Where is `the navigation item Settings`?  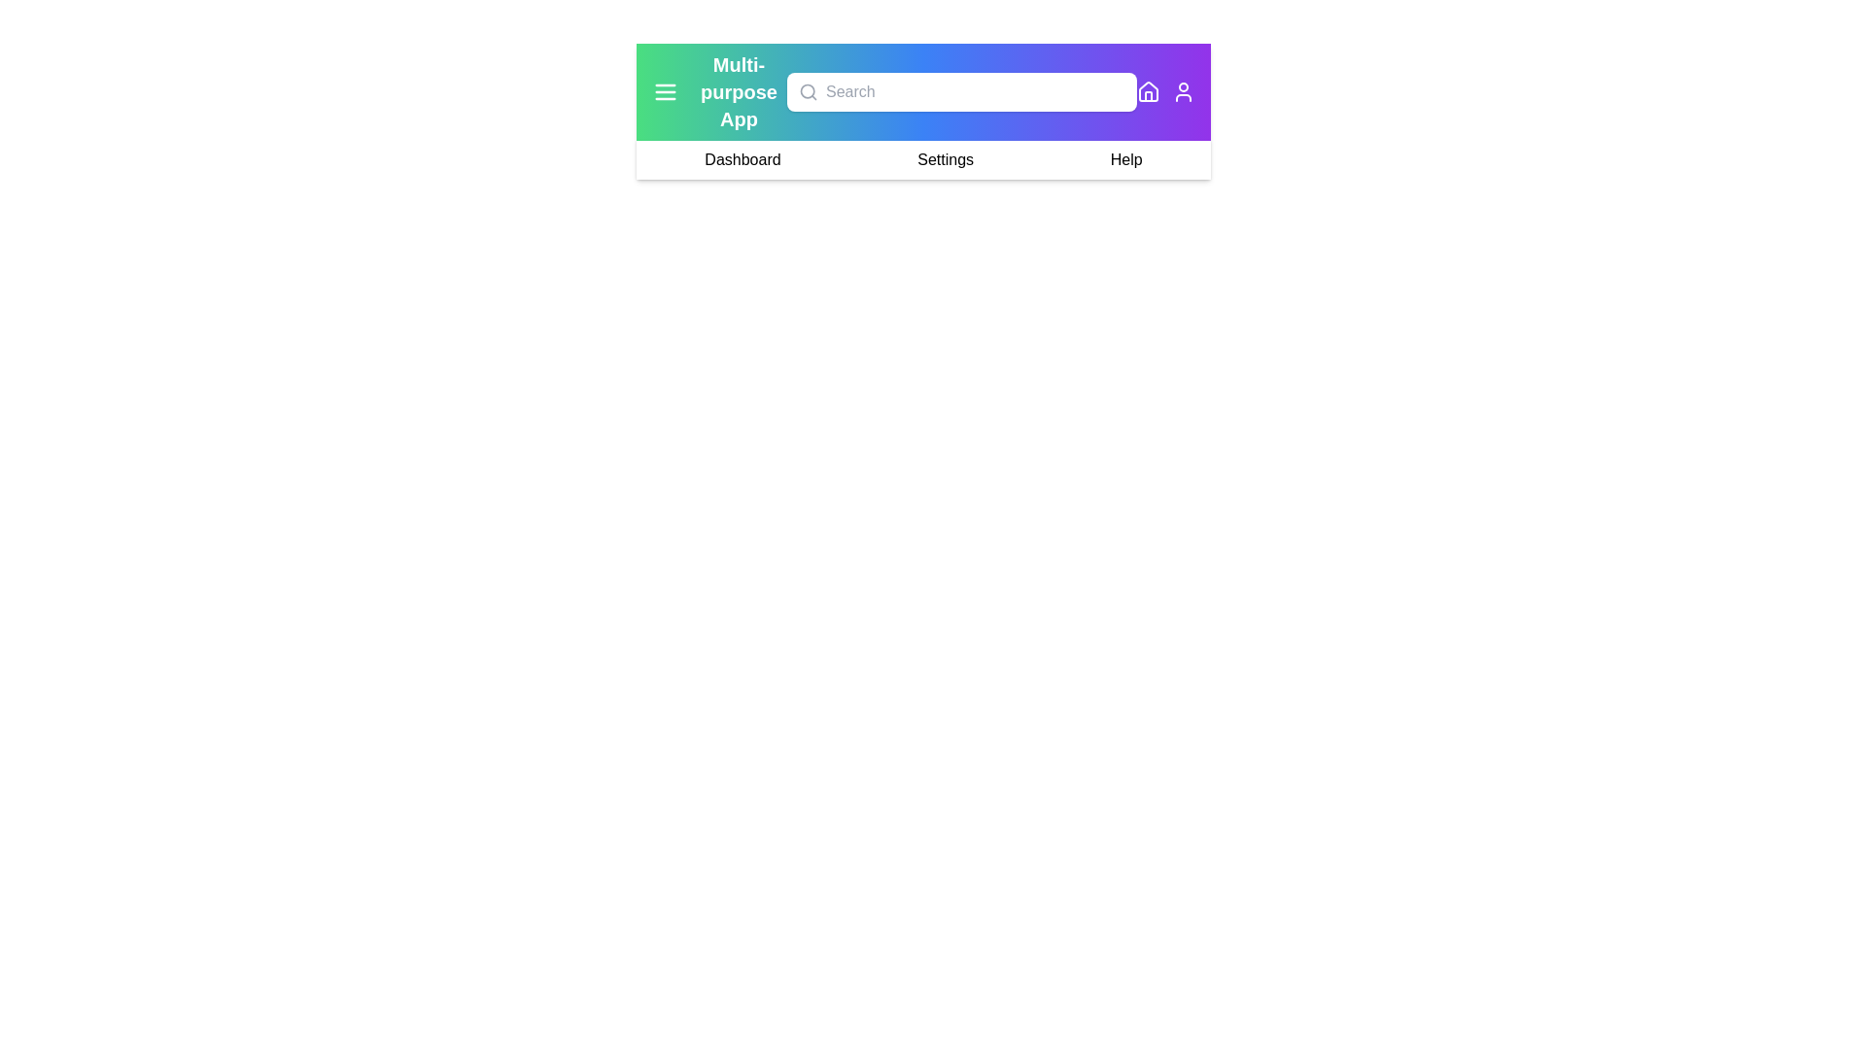
the navigation item Settings is located at coordinates (946, 159).